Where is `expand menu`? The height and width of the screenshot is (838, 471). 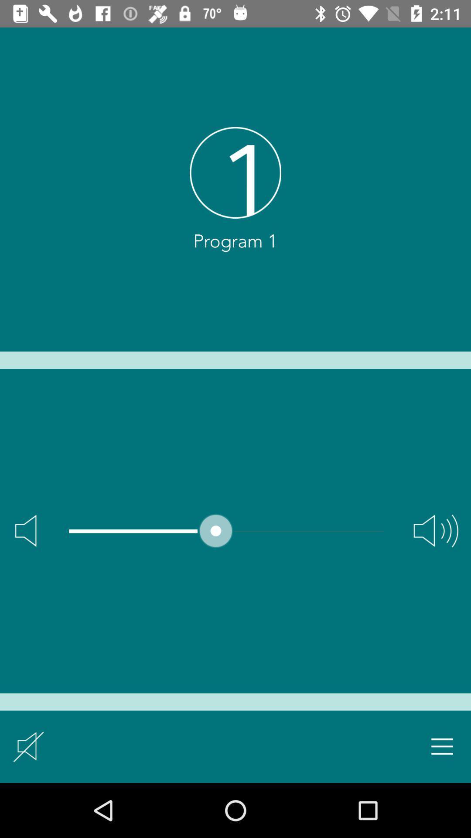 expand menu is located at coordinates (442, 746).